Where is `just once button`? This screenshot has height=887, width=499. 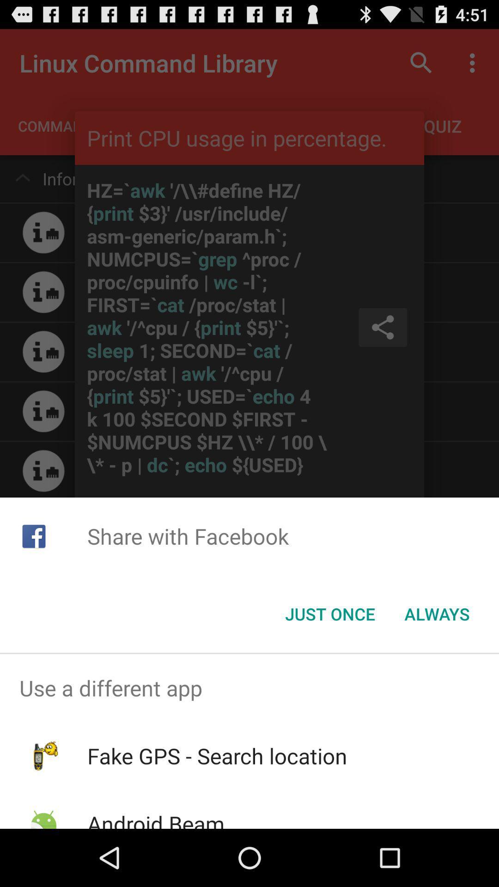 just once button is located at coordinates (329, 614).